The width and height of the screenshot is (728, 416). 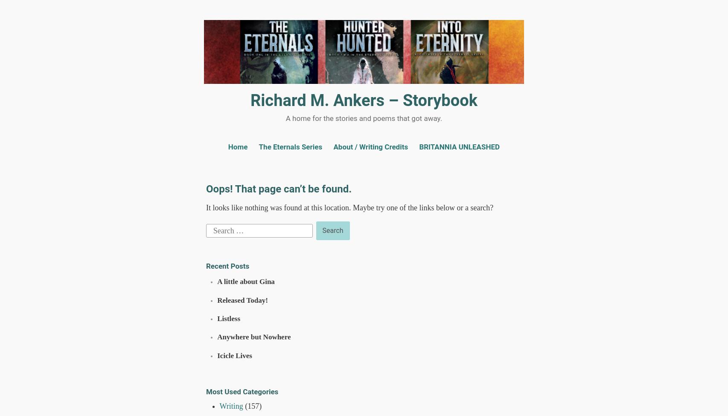 What do you see at coordinates (217, 281) in the screenshot?
I see `'A little about Gina'` at bounding box center [217, 281].